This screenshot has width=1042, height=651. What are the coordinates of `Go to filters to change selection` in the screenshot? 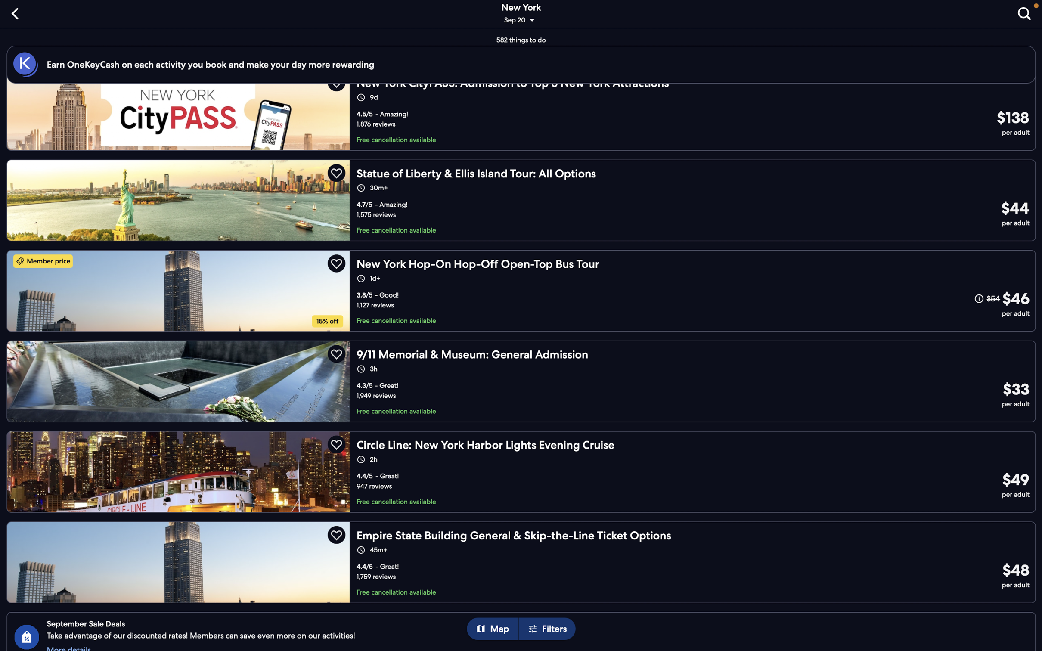 It's located at (549, 629).